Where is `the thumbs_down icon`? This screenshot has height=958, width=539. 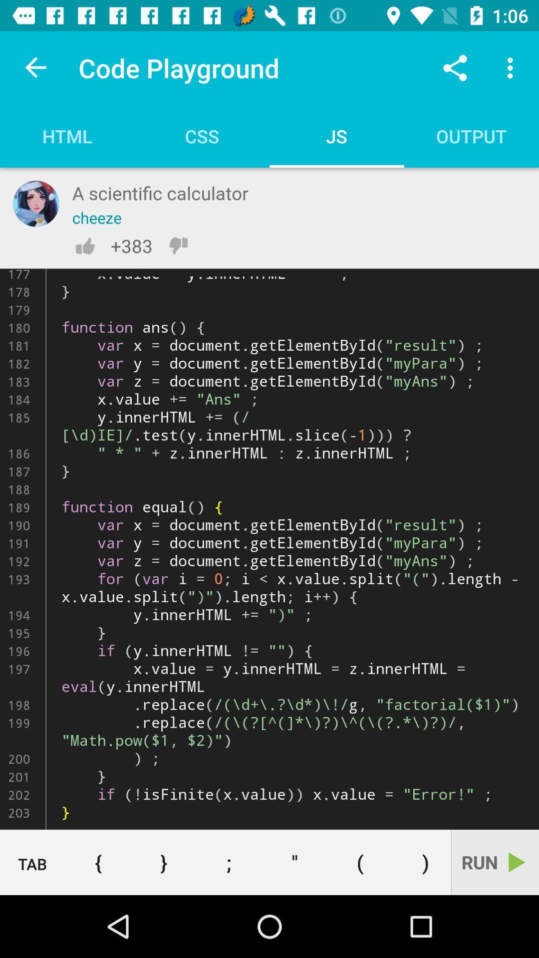
the thumbs_down icon is located at coordinates (178, 245).